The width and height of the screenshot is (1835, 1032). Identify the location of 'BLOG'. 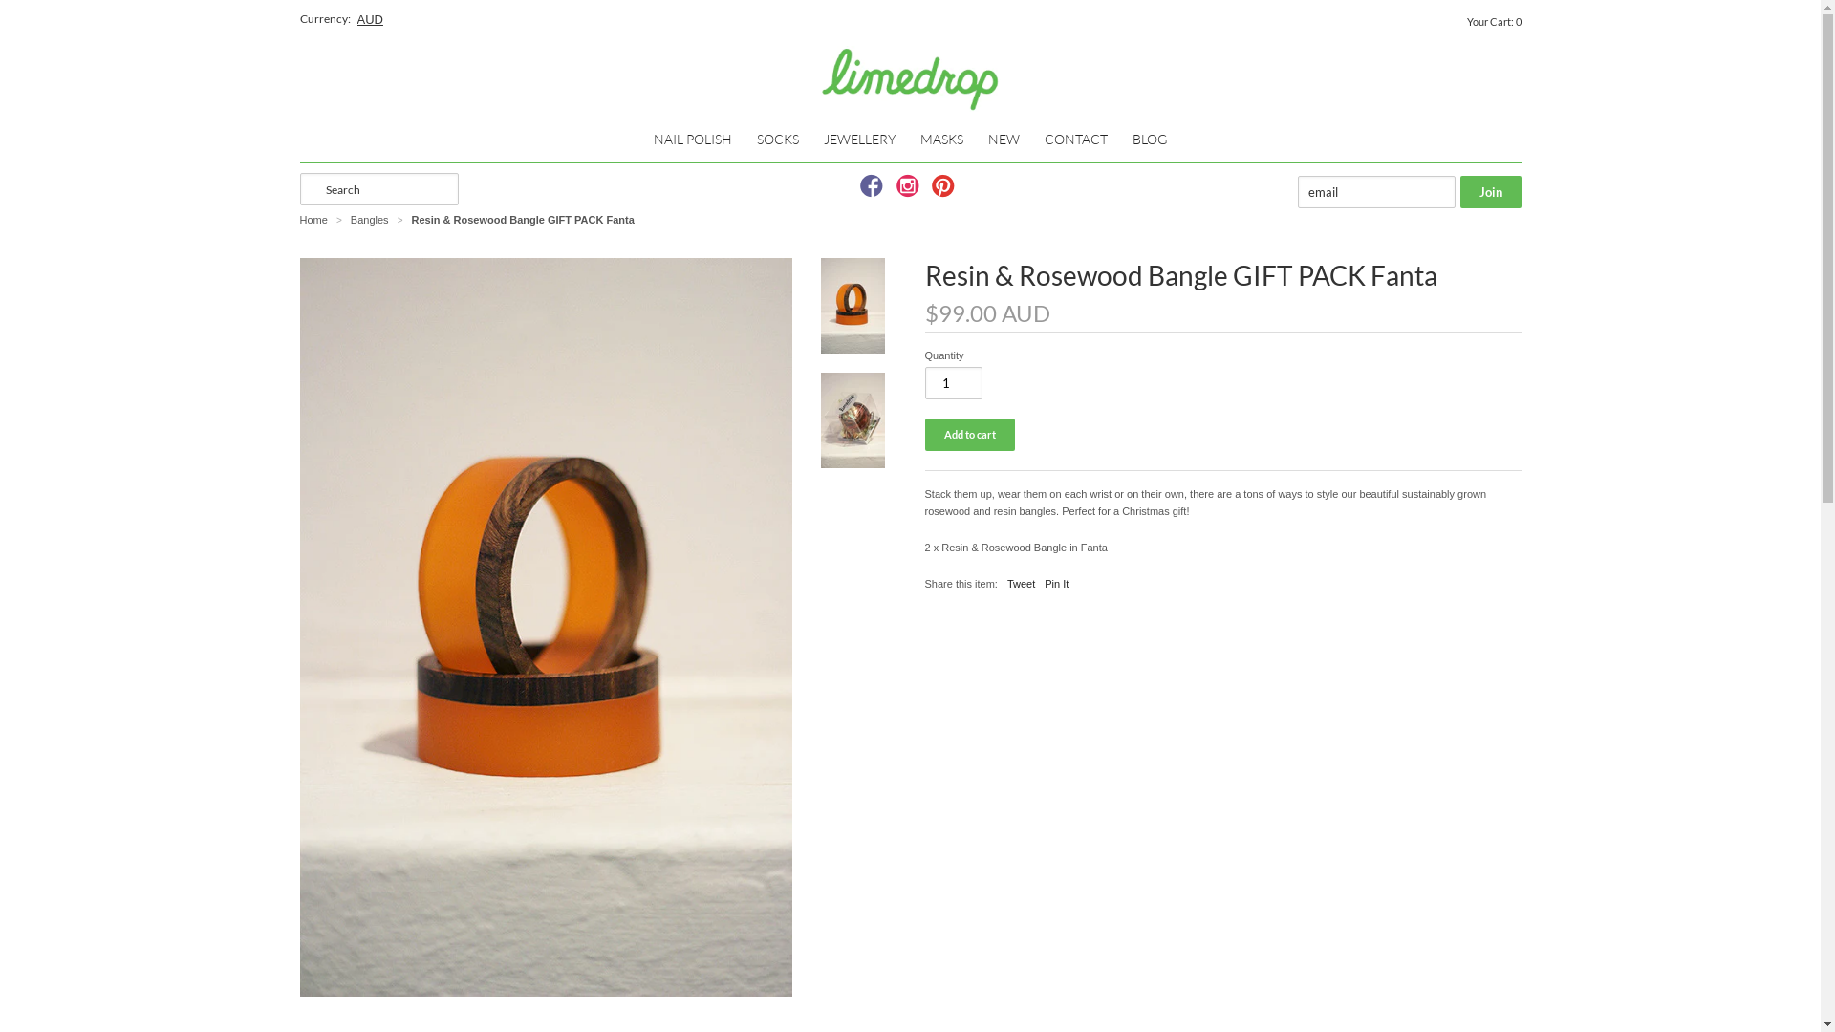
(1149, 139).